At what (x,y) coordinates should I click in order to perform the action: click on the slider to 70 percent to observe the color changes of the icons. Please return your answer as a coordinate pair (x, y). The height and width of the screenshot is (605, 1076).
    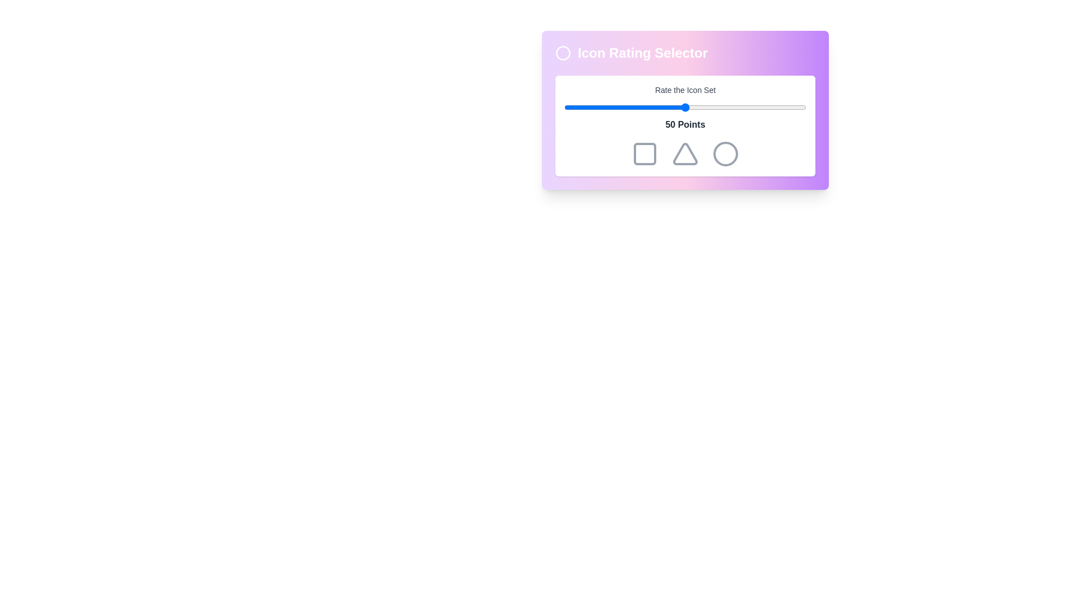
    Looking at the image, I should click on (734, 108).